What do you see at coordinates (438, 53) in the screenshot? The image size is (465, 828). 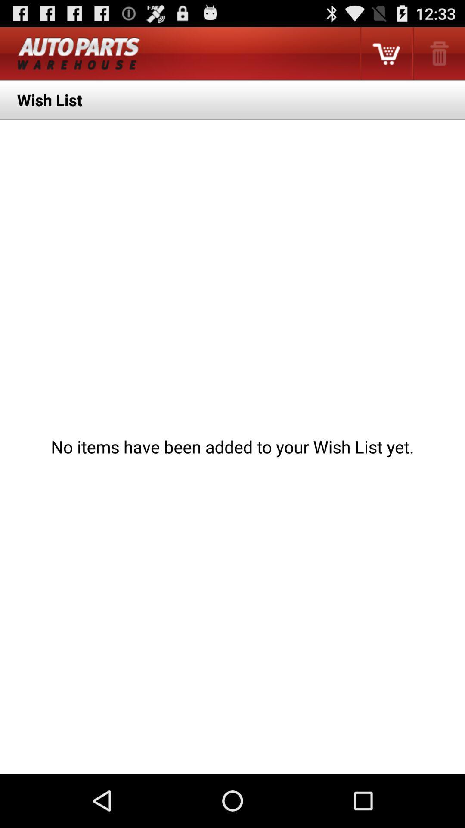 I see `trash` at bounding box center [438, 53].